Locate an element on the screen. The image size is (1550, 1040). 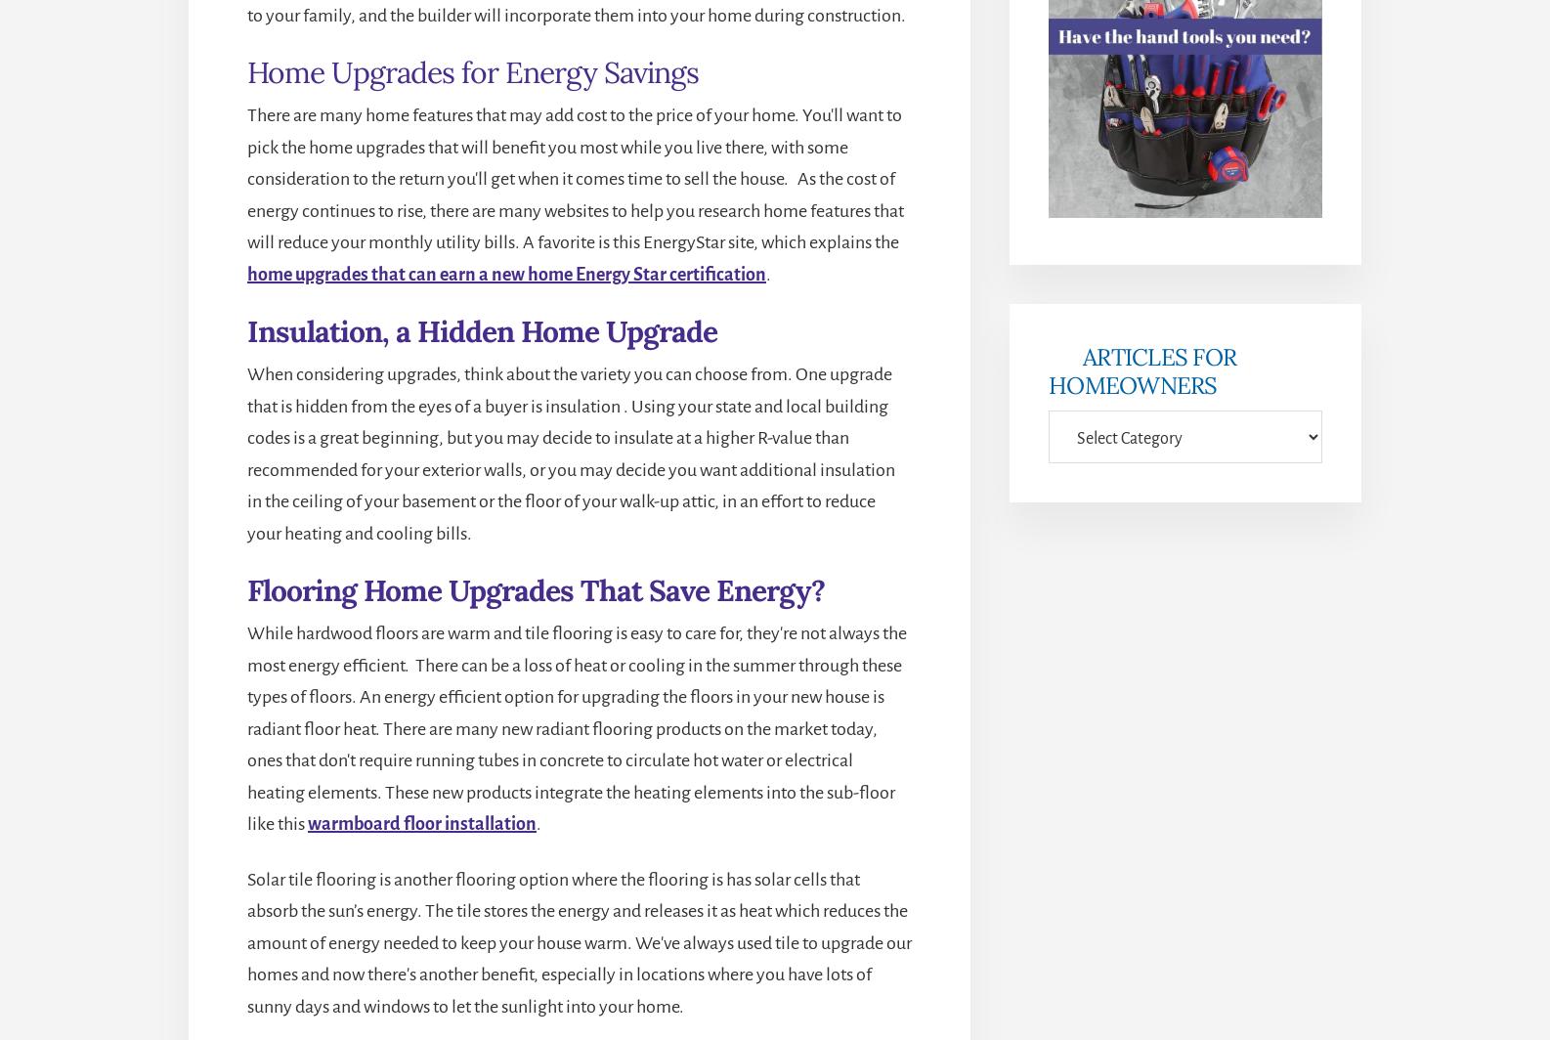
'Copyright © 2023 ·' is located at coordinates (605, 886).